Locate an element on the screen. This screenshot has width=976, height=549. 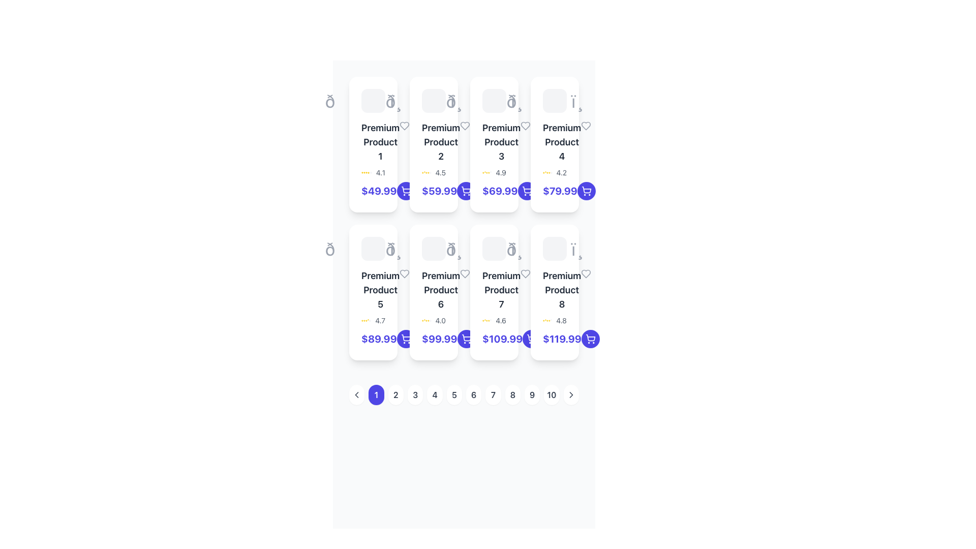
price displayed as '$49.99' in bold indigo text located in the first product card, below the product title and rating information is located at coordinates (378, 191).